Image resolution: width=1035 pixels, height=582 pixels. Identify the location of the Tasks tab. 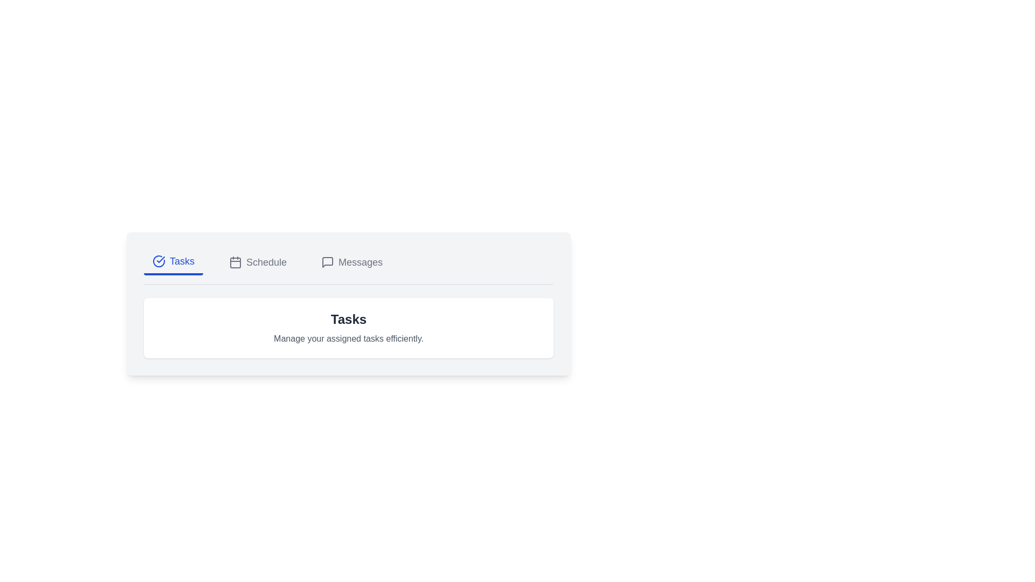
(173, 262).